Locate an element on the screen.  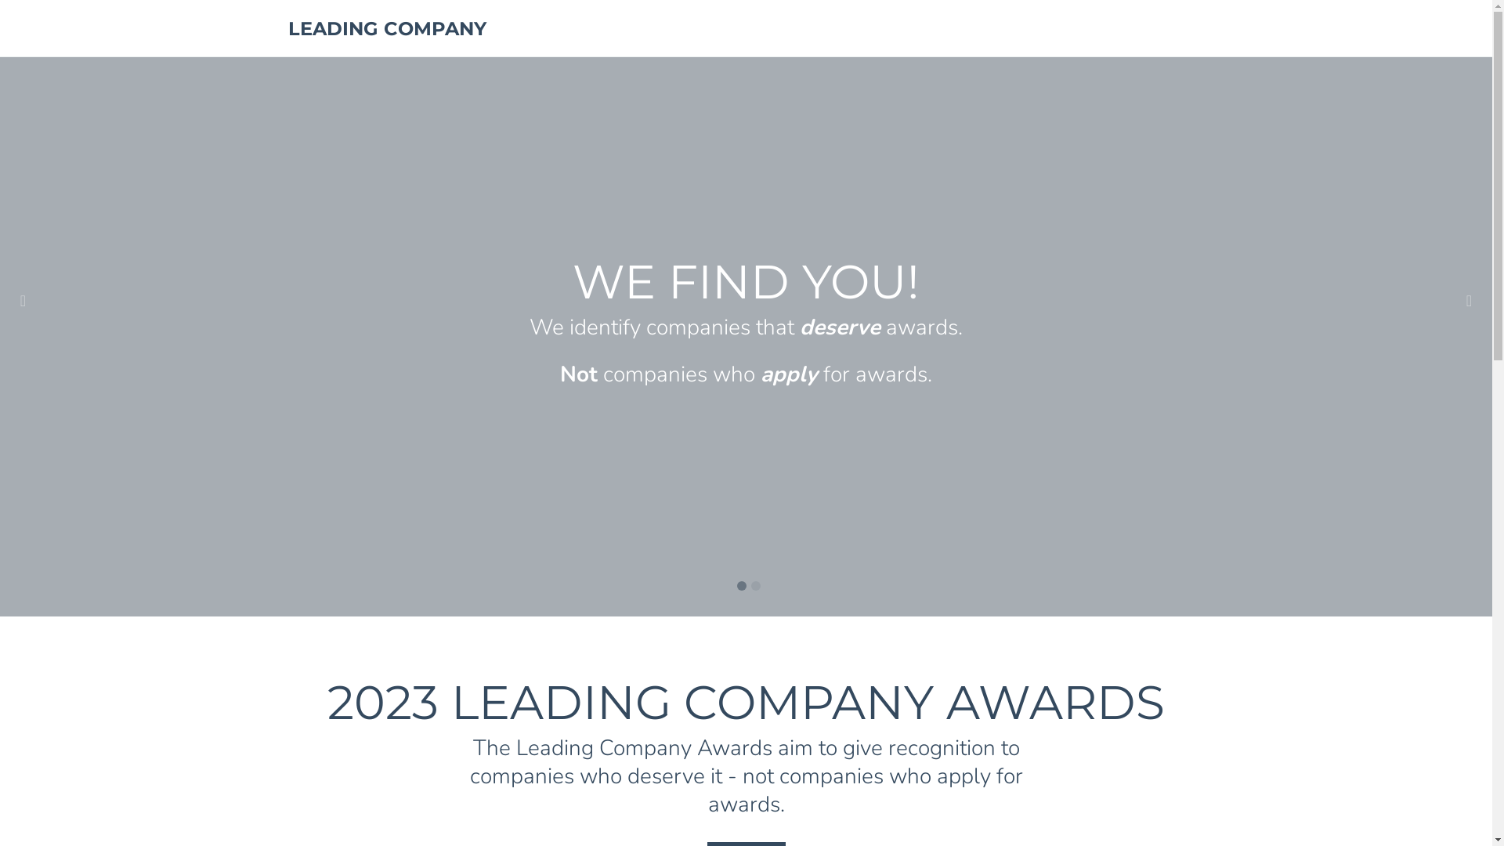
'LEADING COMPANY' is located at coordinates (387, 28).